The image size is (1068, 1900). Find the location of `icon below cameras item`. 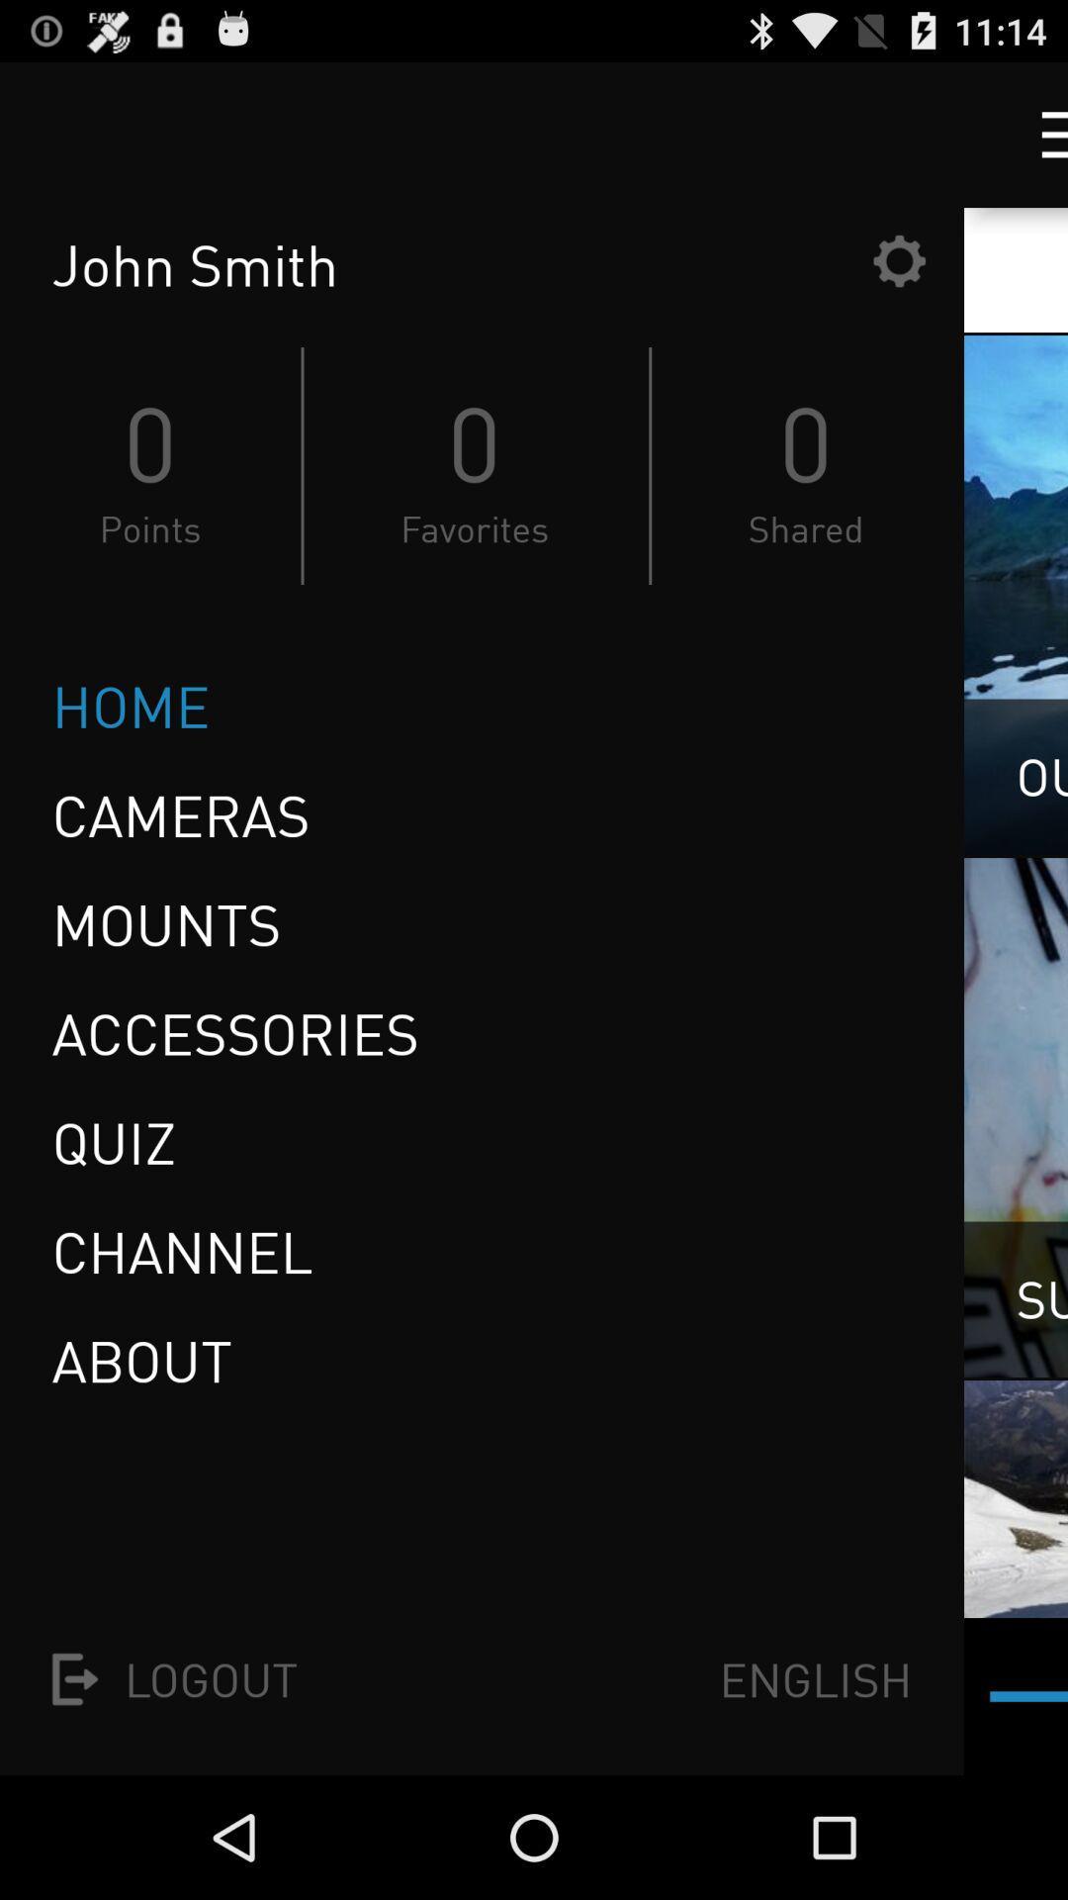

icon below cameras item is located at coordinates (165, 923).